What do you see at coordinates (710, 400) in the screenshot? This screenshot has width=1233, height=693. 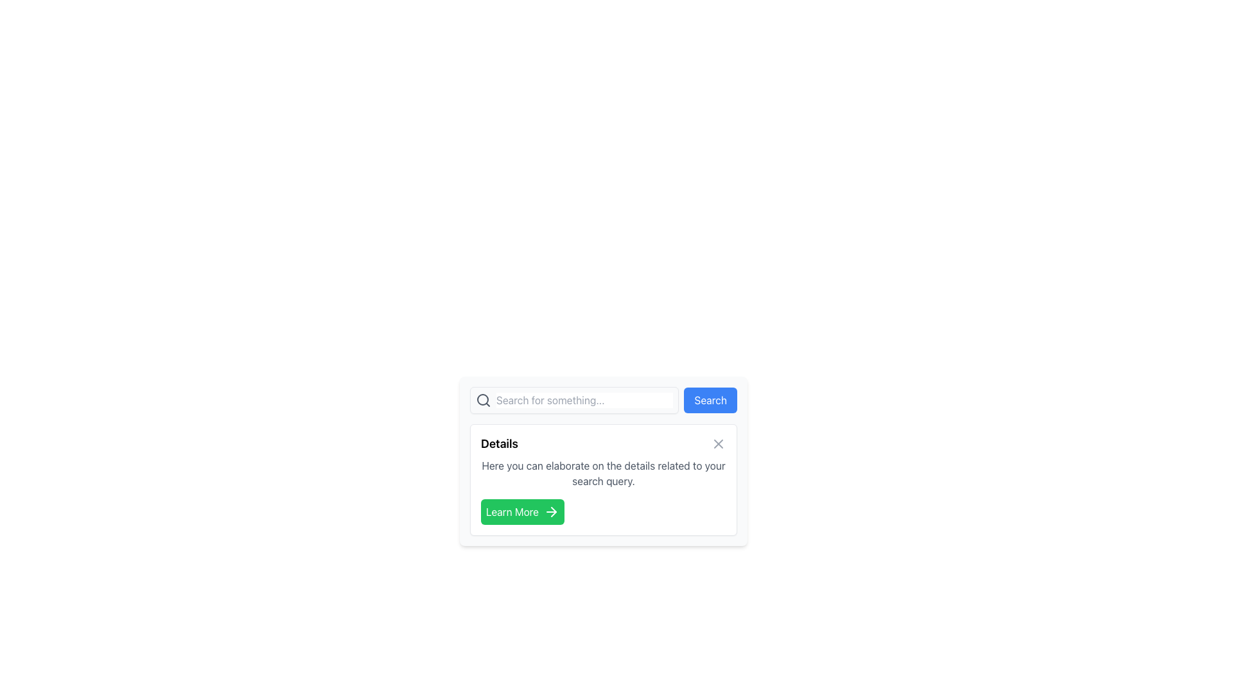 I see `the search button located at the rightmost end of the search bar to change its visual appearance` at bounding box center [710, 400].